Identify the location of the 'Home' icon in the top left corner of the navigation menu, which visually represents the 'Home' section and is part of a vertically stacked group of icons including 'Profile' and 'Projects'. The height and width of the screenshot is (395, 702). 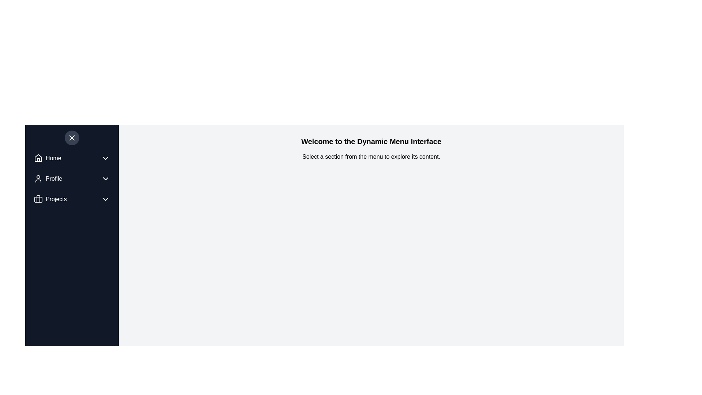
(38, 158).